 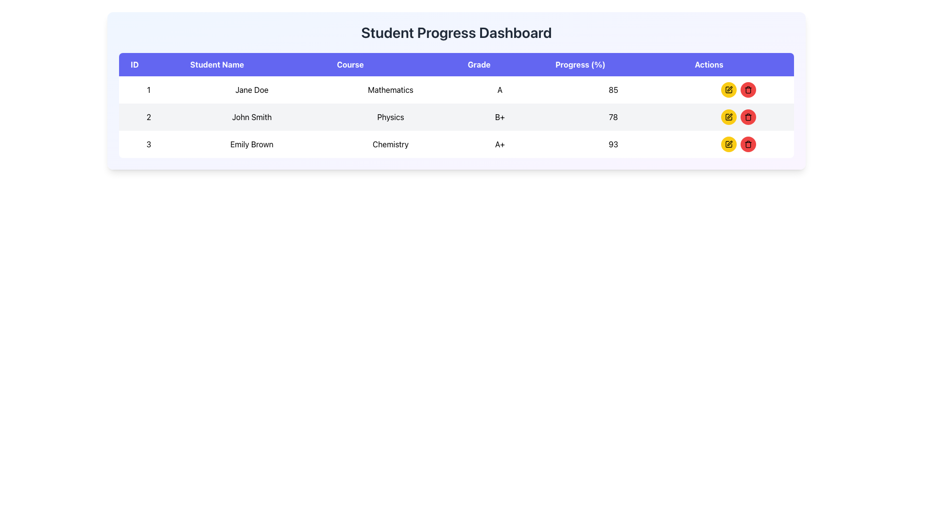 What do you see at coordinates (747, 144) in the screenshot?
I see `the delete button located in the 'Actions' column of the third row of the data table` at bounding box center [747, 144].